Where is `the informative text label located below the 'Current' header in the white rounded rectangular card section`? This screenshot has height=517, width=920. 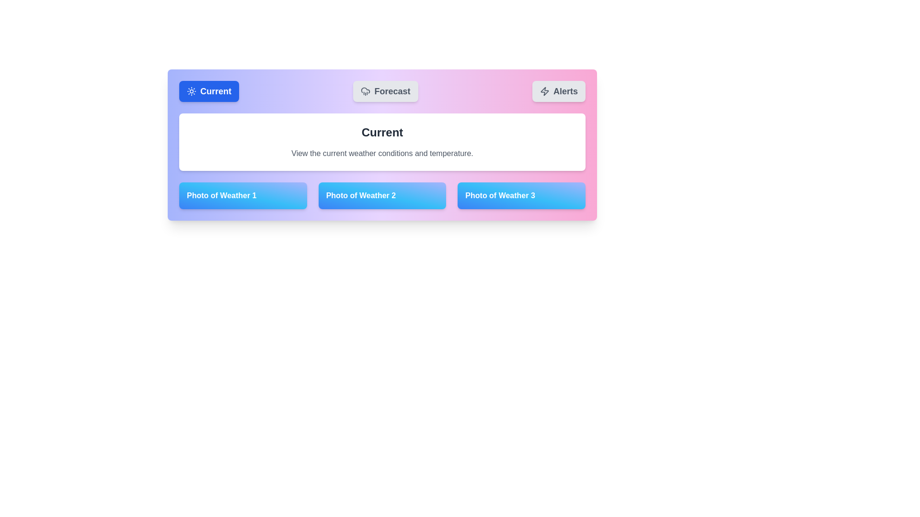 the informative text label located below the 'Current' header in the white rounded rectangular card section is located at coordinates (381, 153).